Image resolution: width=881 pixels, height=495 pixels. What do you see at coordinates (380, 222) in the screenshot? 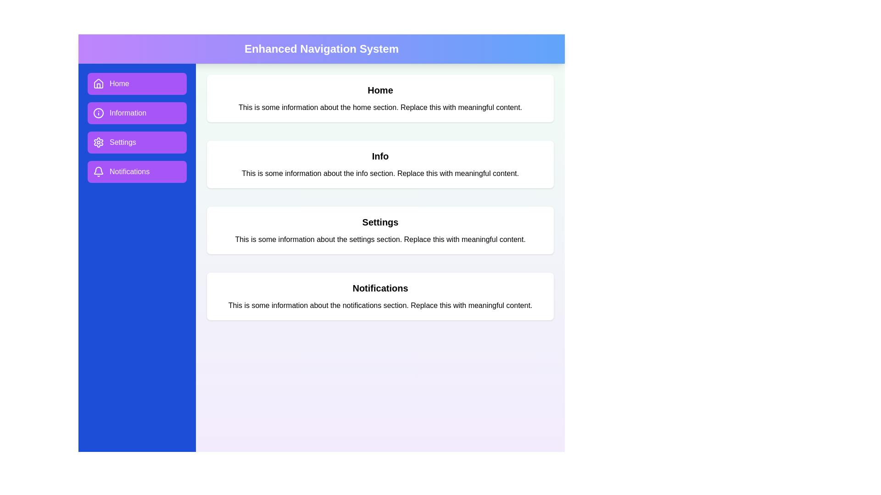
I see `prominently styled textual header labeled 'Settings' located at the upper-middle area of the section card` at bounding box center [380, 222].